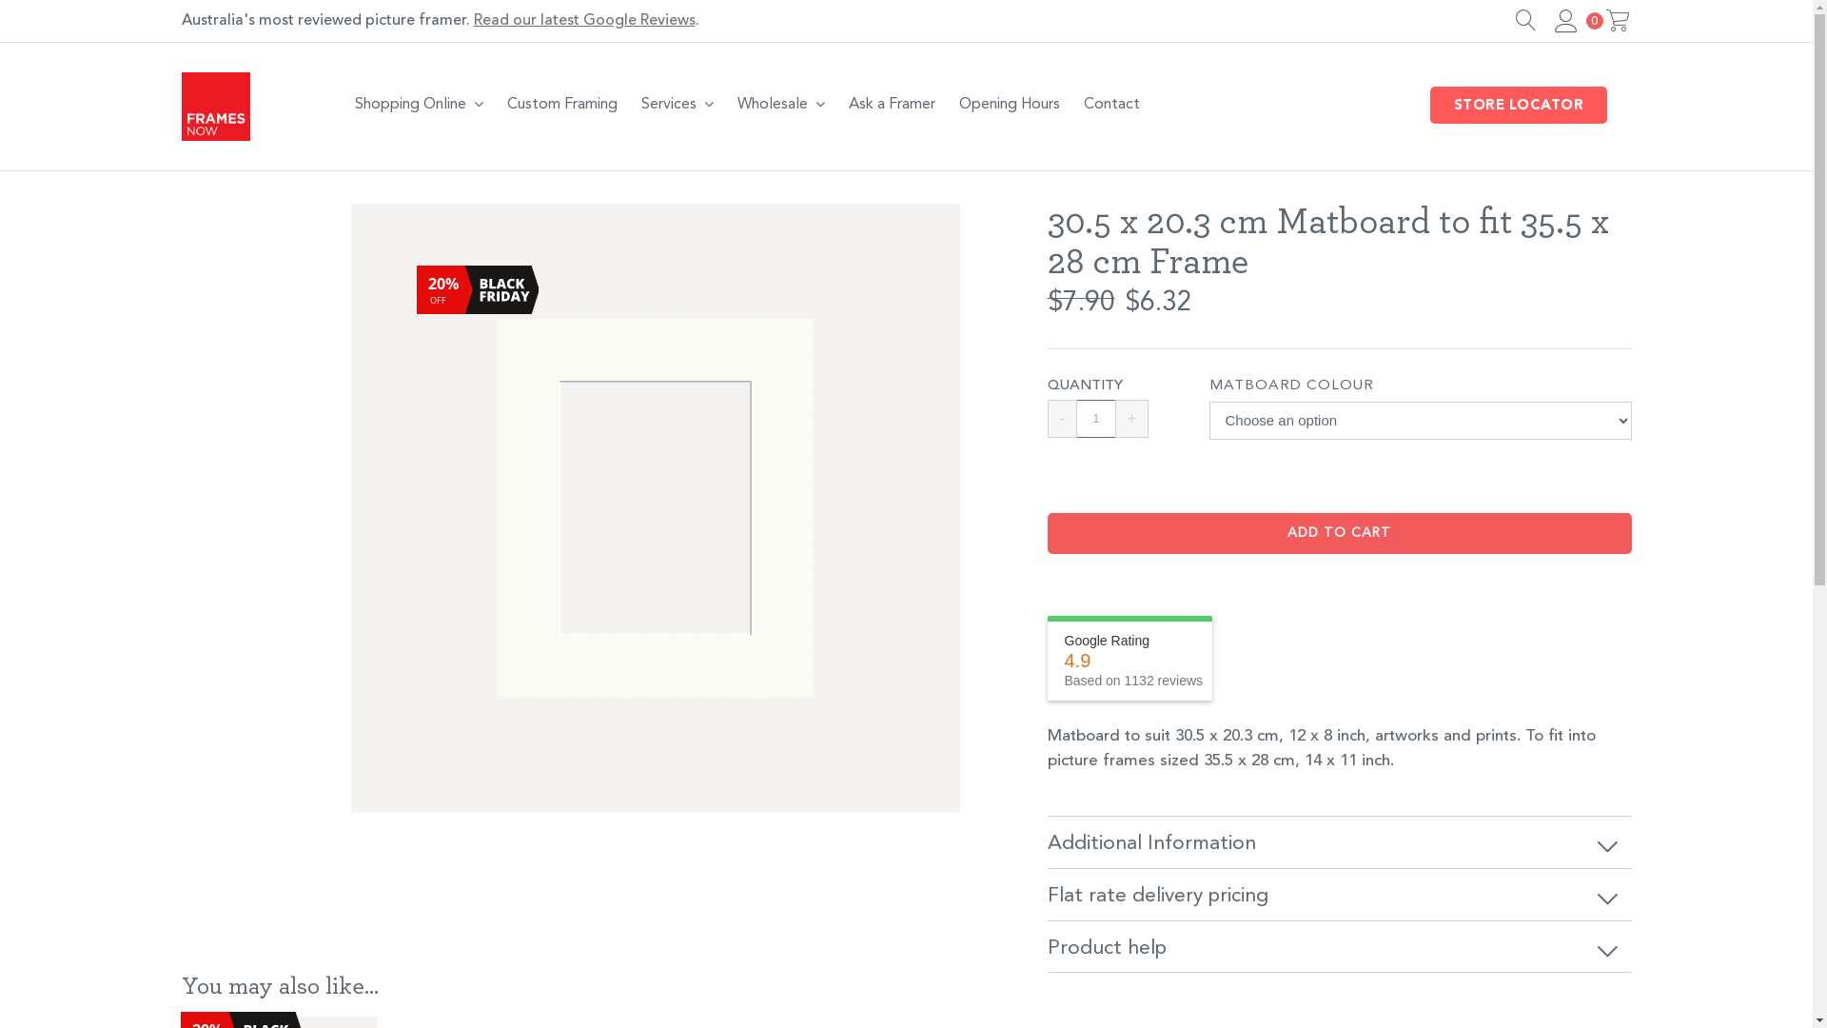 Image resolution: width=1827 pixels, height=1028 pixels. I want to click on 'Ask a Framer', so click(891, 105).